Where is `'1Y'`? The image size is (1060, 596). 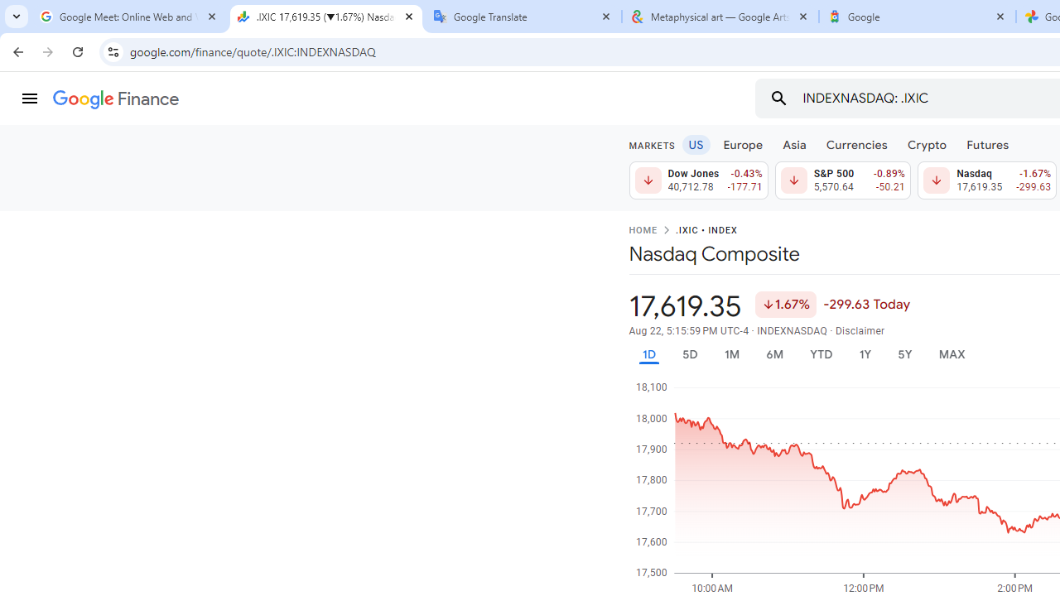 '1Y' is located at coordinates (865, 353).